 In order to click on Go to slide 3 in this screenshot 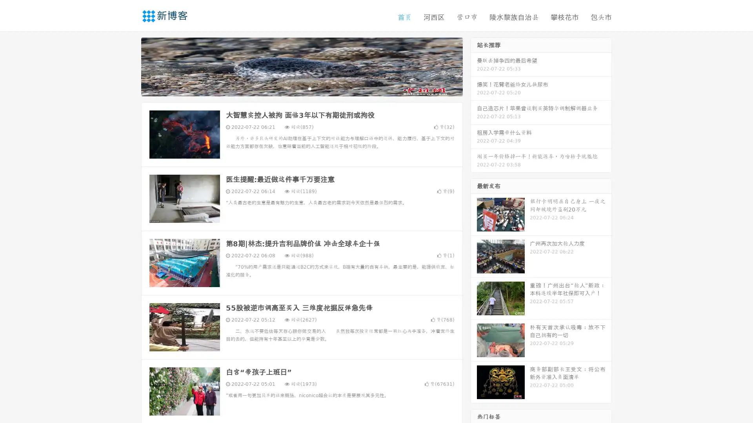, I will do `click(309, 88)`.